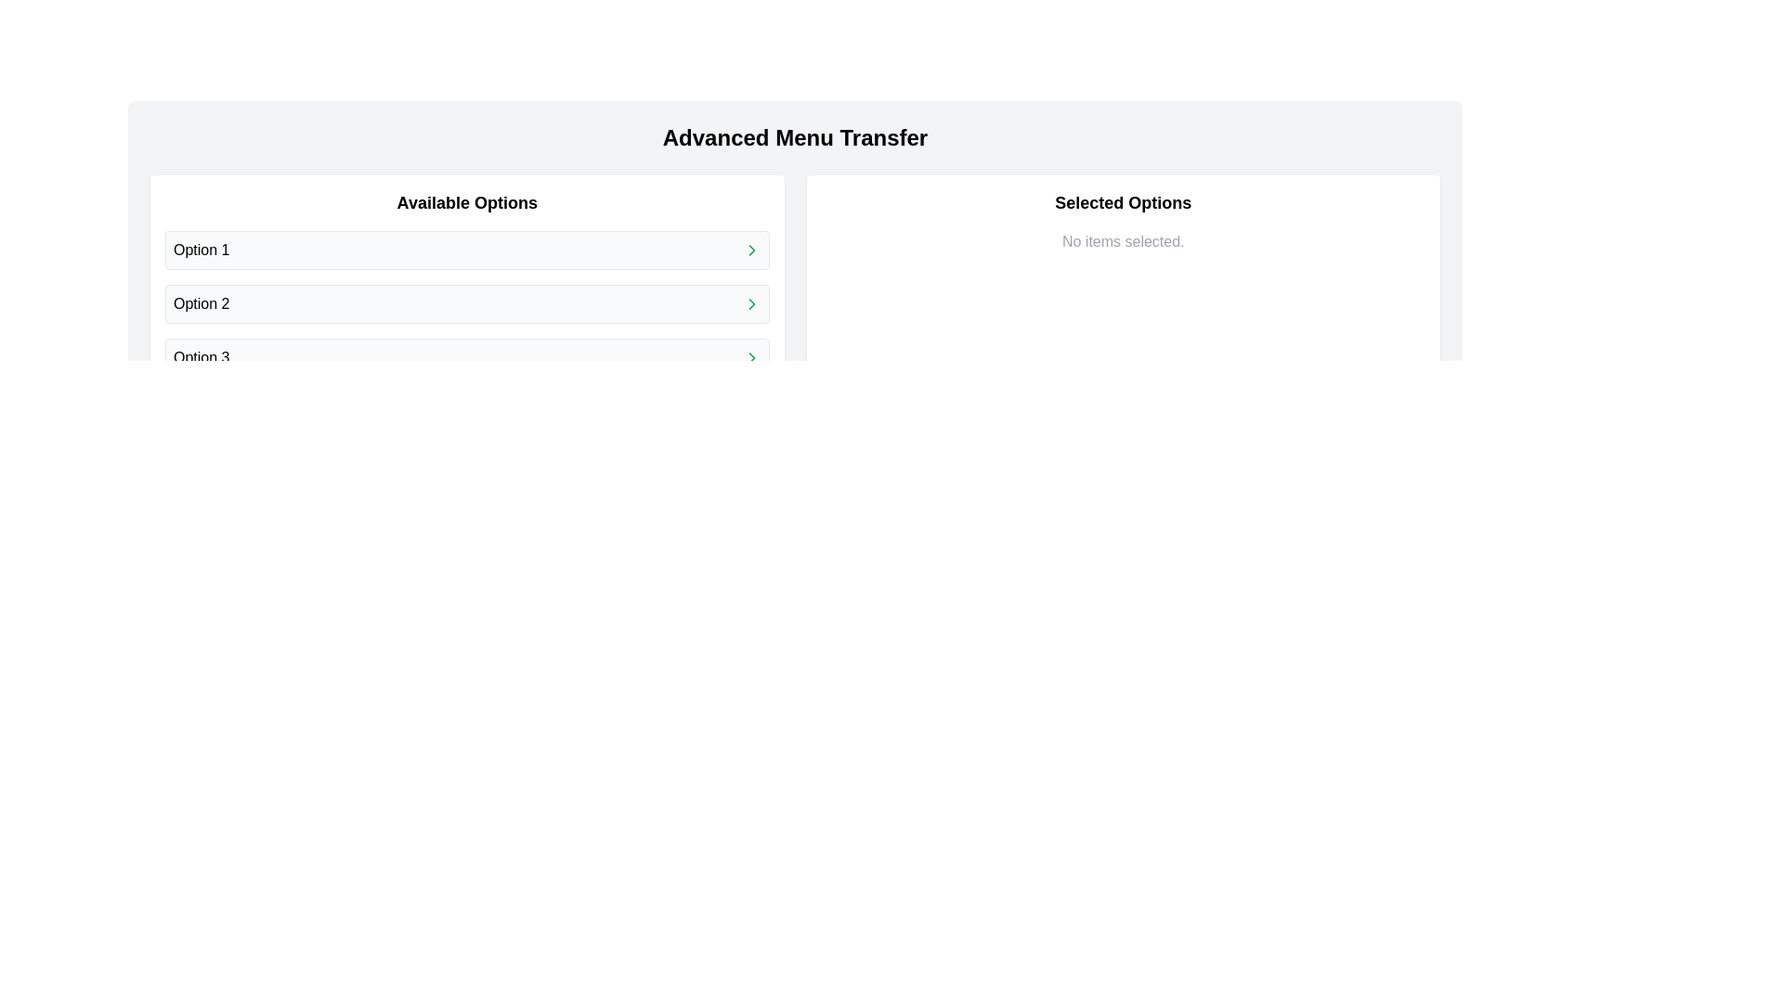 The image size is (1783, 1002). Describe the element at coordinates (202, 250) in the screenshot. I see `the text label representing 'Option 1' in the 'Available Options' section, which is the first item in a vertical list of selectable options` at that location.